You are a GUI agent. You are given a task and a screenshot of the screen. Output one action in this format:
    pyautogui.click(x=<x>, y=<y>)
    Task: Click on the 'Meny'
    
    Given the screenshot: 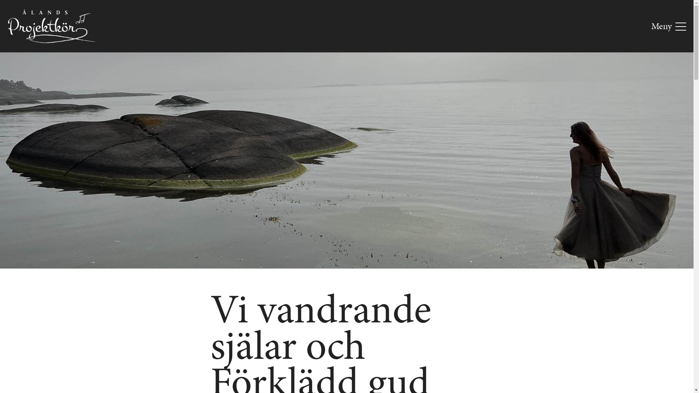 What is the action you would take?
    pyautogui.click(x=669, y=26)
    